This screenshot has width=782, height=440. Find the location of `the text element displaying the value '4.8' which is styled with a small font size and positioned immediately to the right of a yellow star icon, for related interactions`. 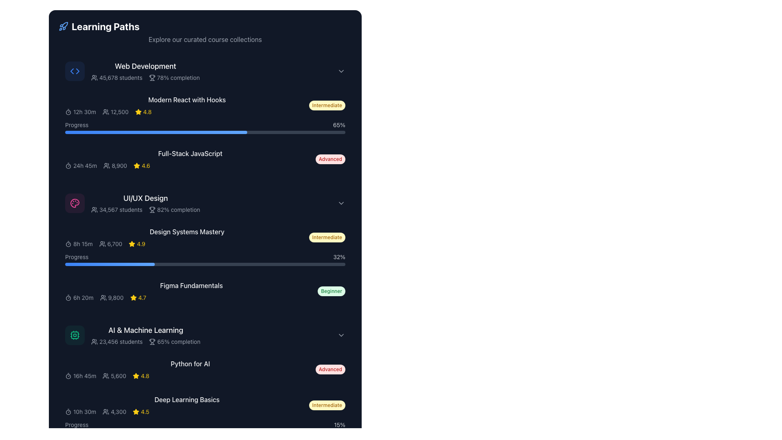

the text element displaying the value '4.8' which is styled with a small font size and positioned immediately to the right of a yellow star icon, for related interactions is located at coordinates (147, 112).